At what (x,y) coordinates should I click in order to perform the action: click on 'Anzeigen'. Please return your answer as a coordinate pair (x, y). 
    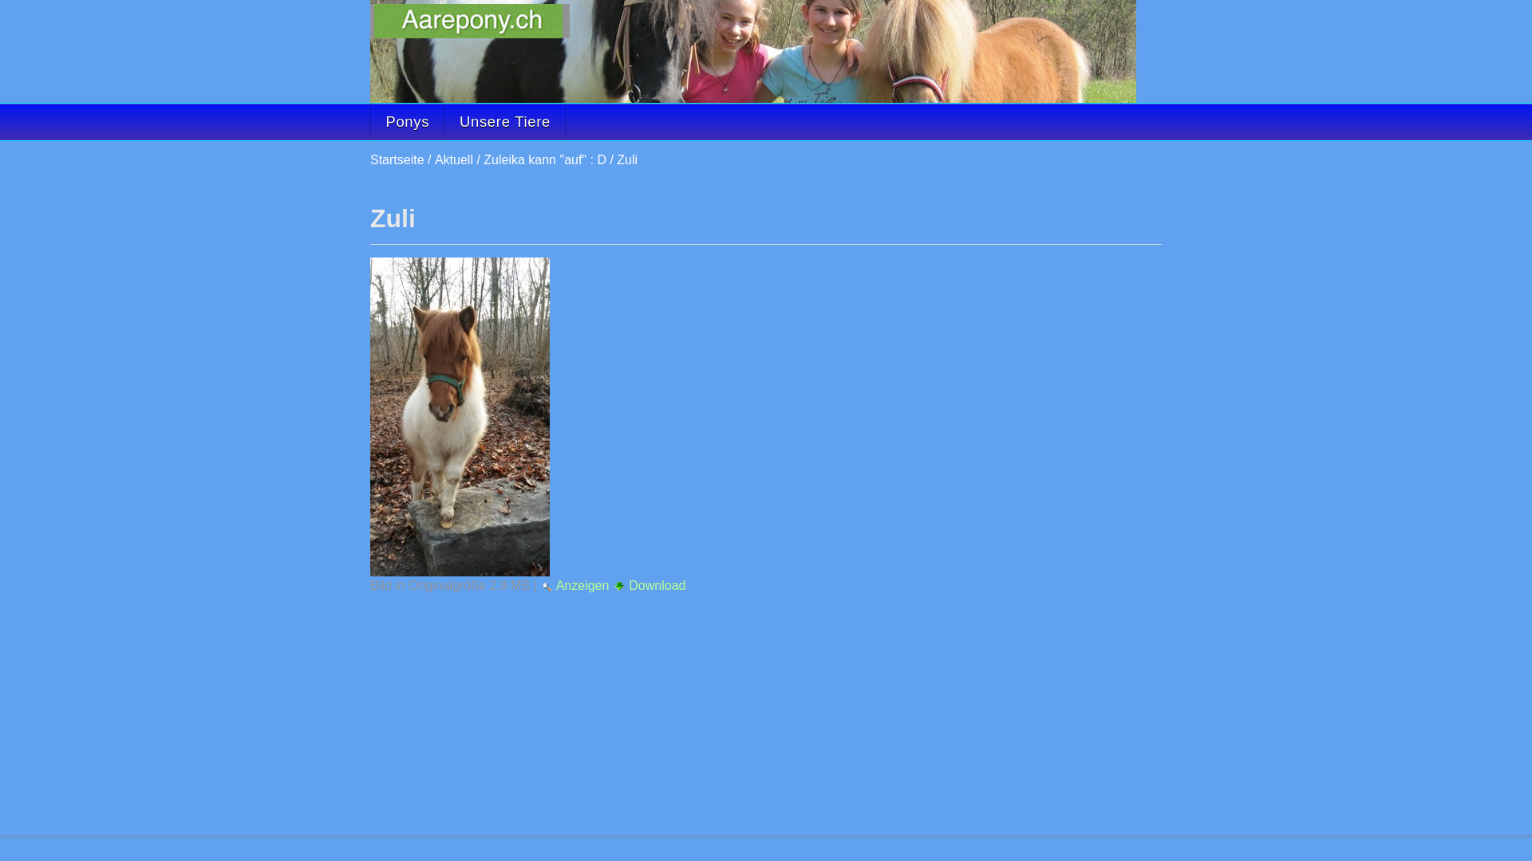
    Looking at the image, I should click on (575, 585).